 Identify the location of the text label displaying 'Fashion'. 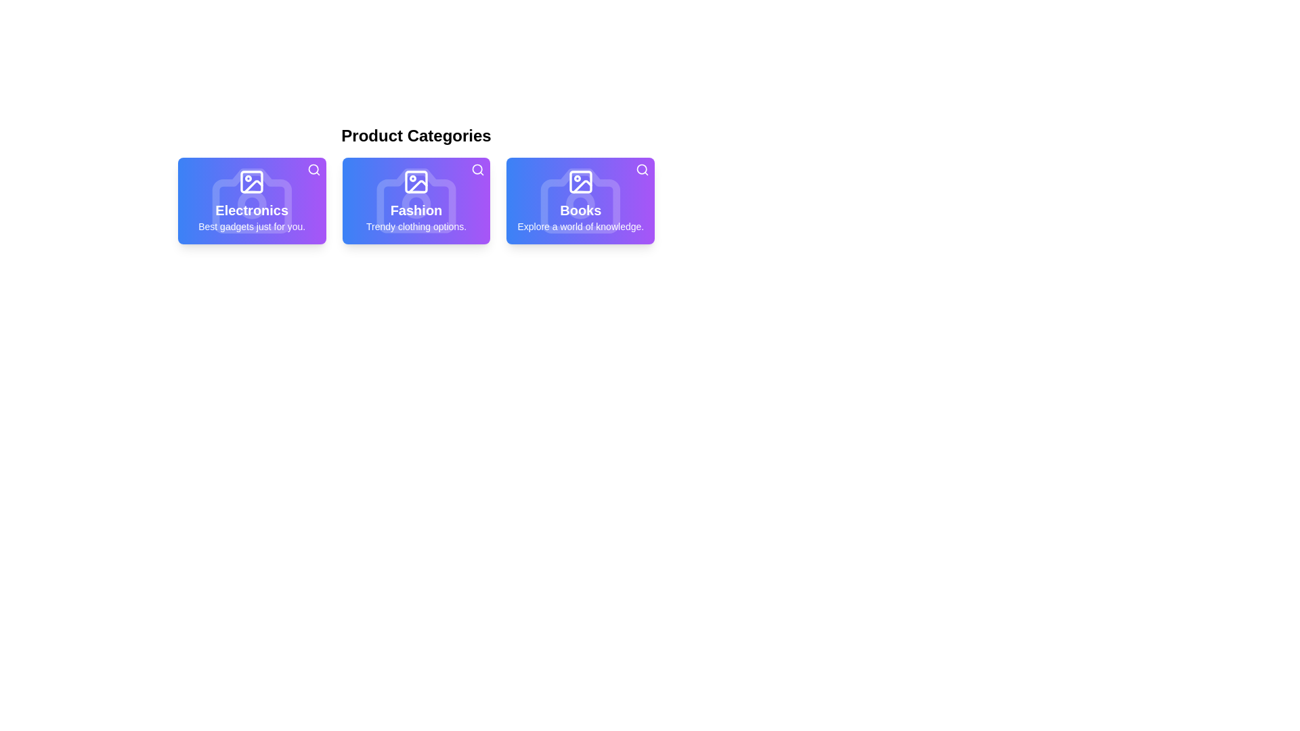
(415, 211).